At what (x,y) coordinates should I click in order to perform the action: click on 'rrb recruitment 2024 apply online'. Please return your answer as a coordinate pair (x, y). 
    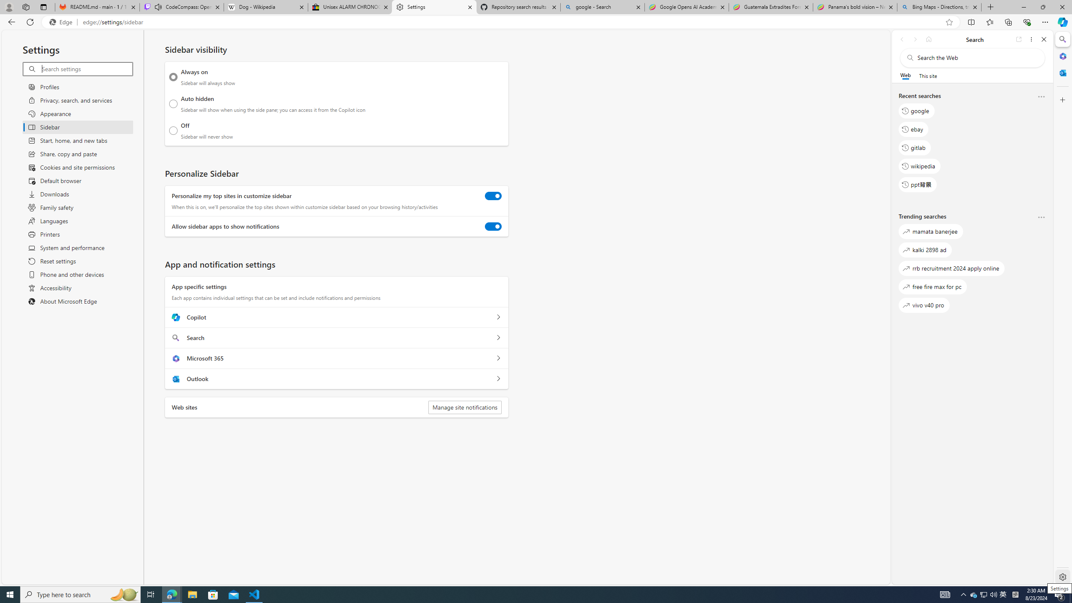
    Looking at the image, I should click on (951, 268).